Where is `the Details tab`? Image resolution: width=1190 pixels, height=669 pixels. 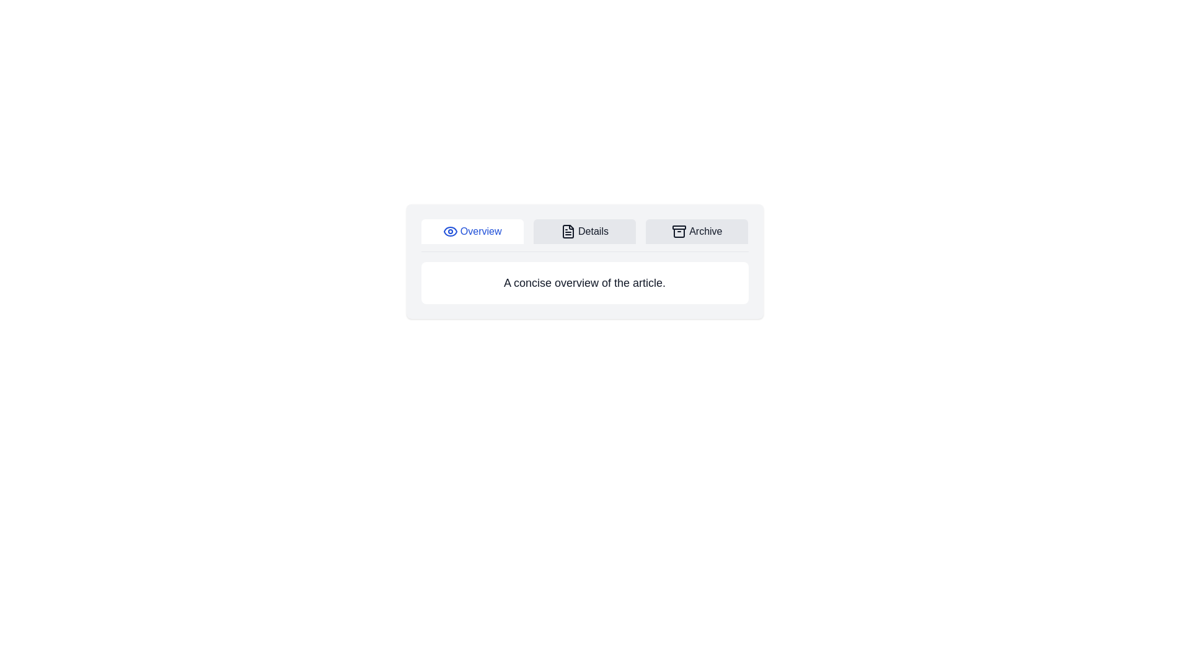 the Details tab is located at coordinates (583, 232).